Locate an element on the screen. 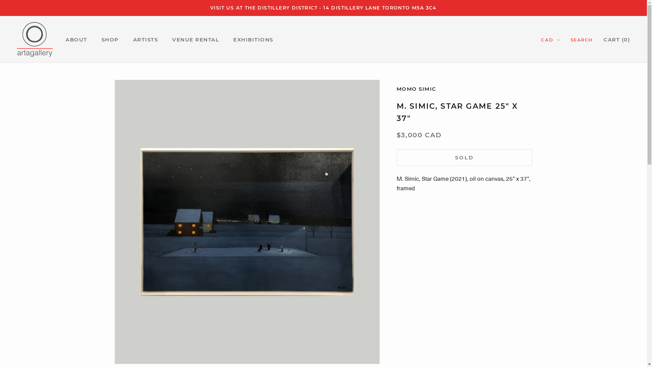  'SOLD' is located at coordinates (464, 157).